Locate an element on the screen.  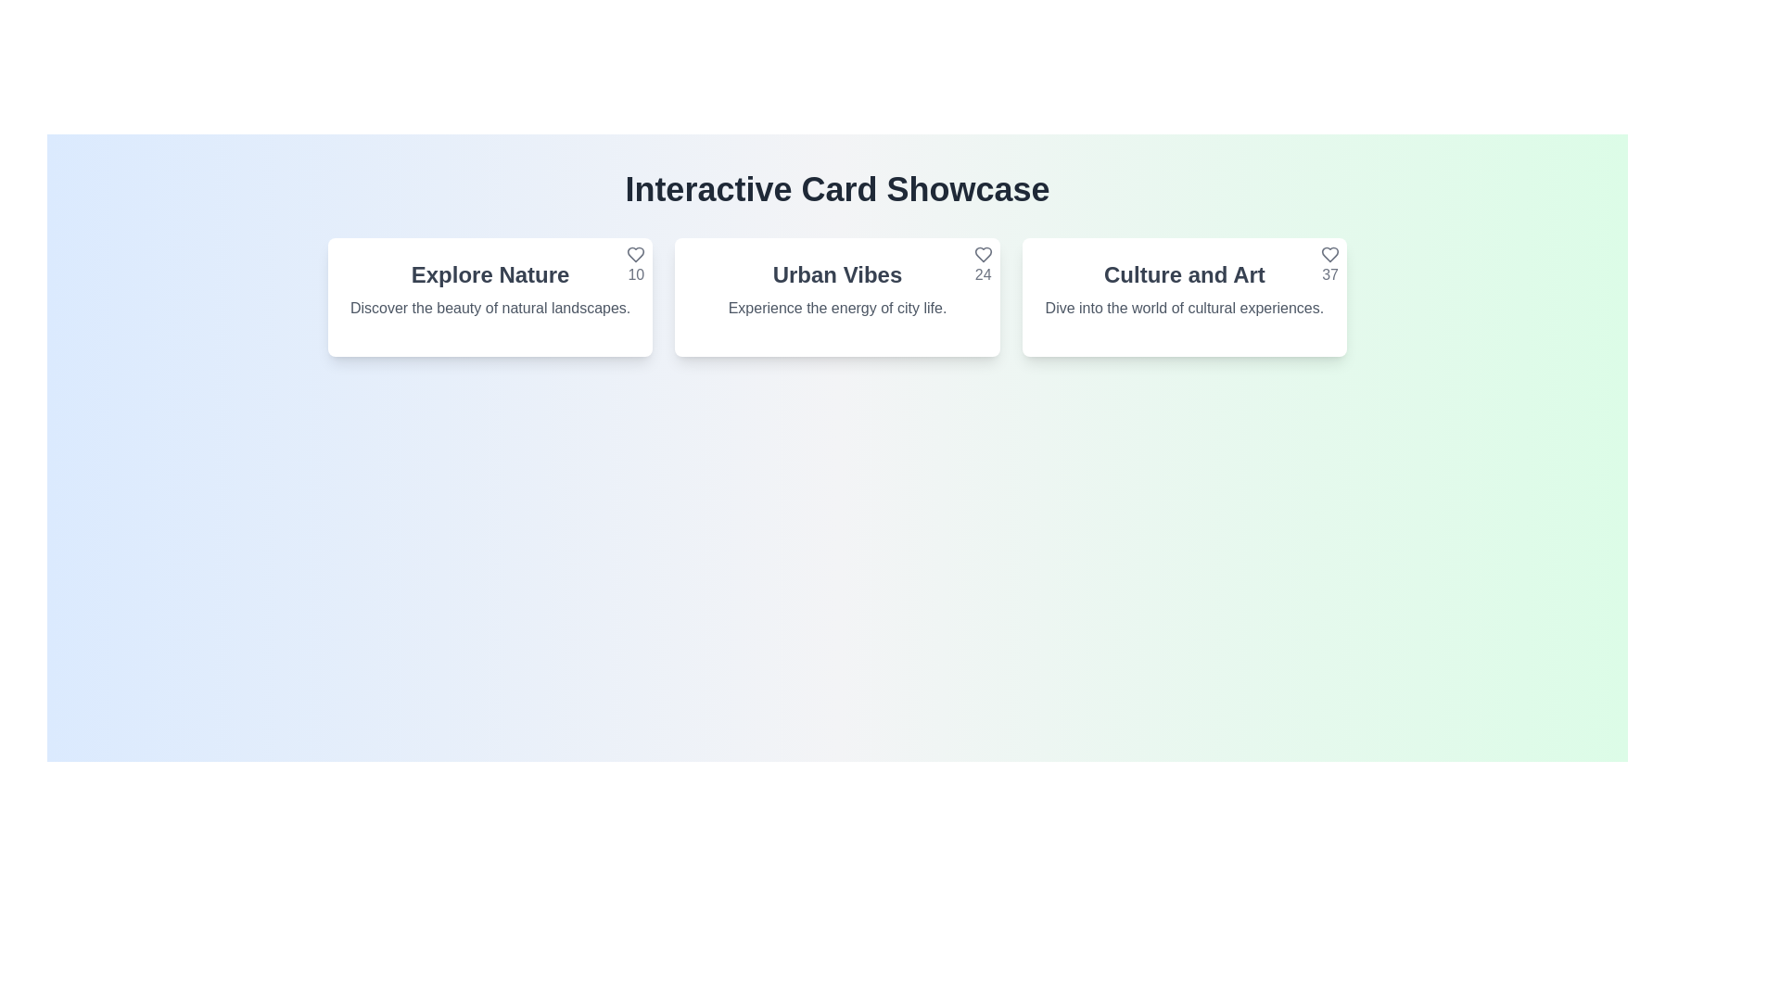
the informational card located in the top-left corner of the grid layout is located at coordinates (490, 296).